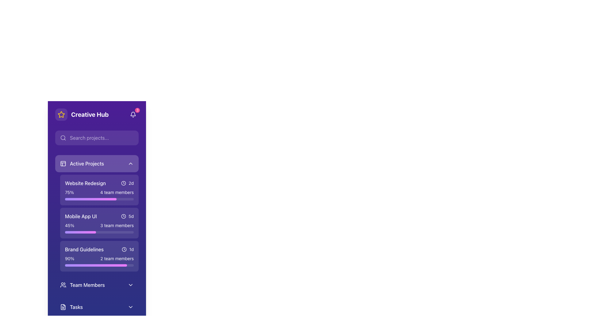 This screenshot has height=331, width=589. What do you see at coordinates (99, 232) in the screenshot?
I see `the Progress Bar that indicates 45% completion for the 'Mobile App UI' project, located under 'Active Projects'` at bounding box center [99, 232].